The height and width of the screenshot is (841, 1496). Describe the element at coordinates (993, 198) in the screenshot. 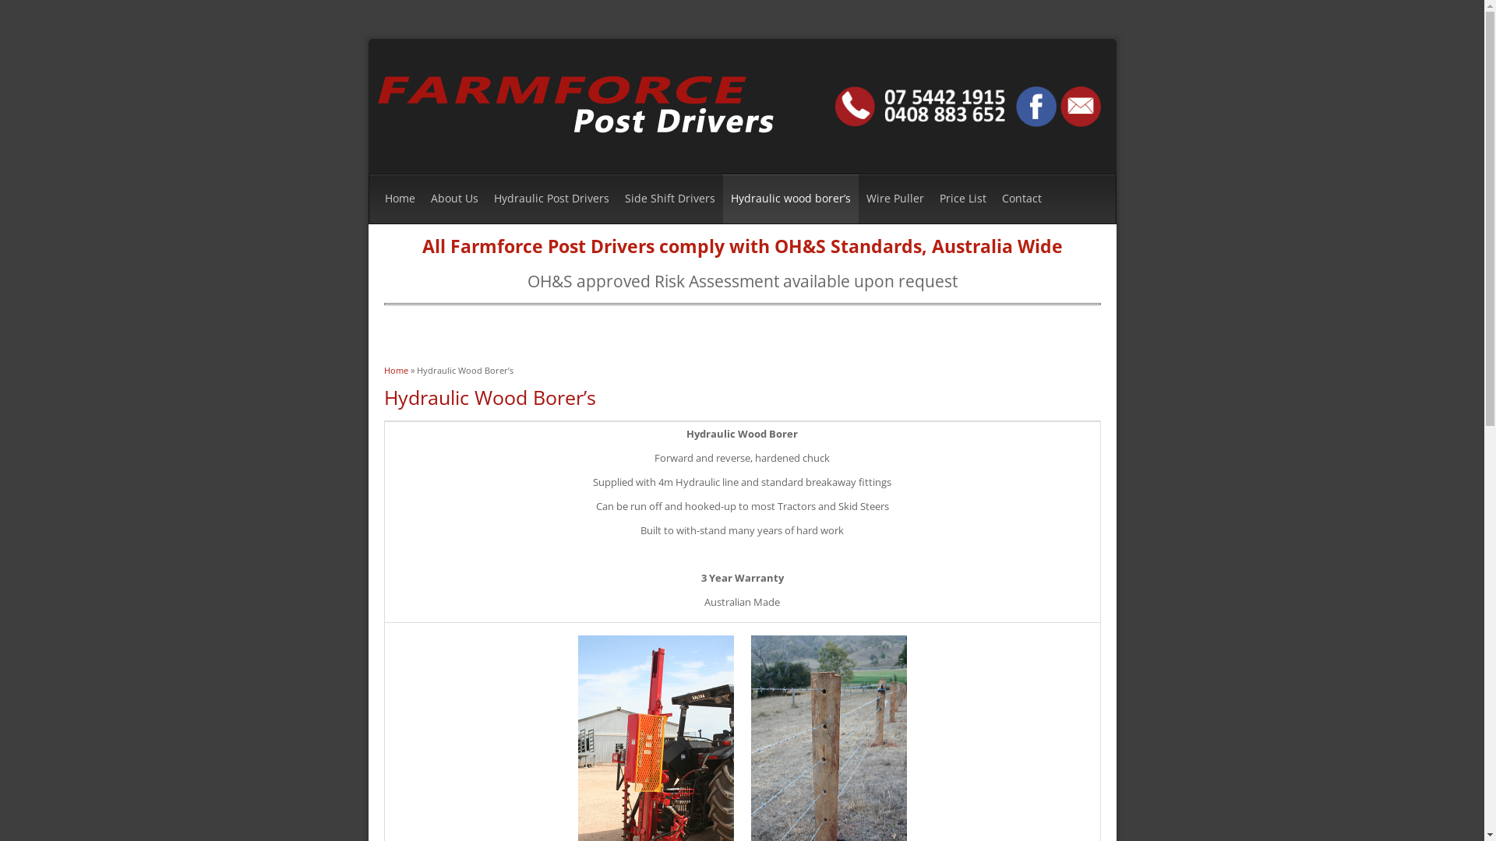

I see `'Contact'` at that location.